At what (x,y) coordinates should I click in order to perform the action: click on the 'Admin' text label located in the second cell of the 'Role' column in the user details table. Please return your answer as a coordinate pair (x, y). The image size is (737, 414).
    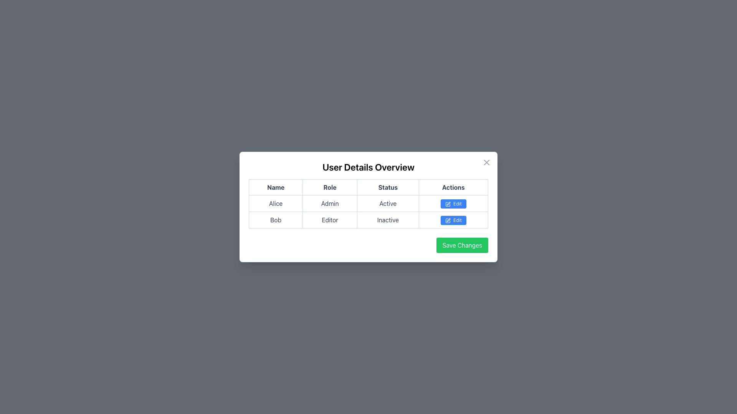
    Looking at the image, I should click on (330, 203).